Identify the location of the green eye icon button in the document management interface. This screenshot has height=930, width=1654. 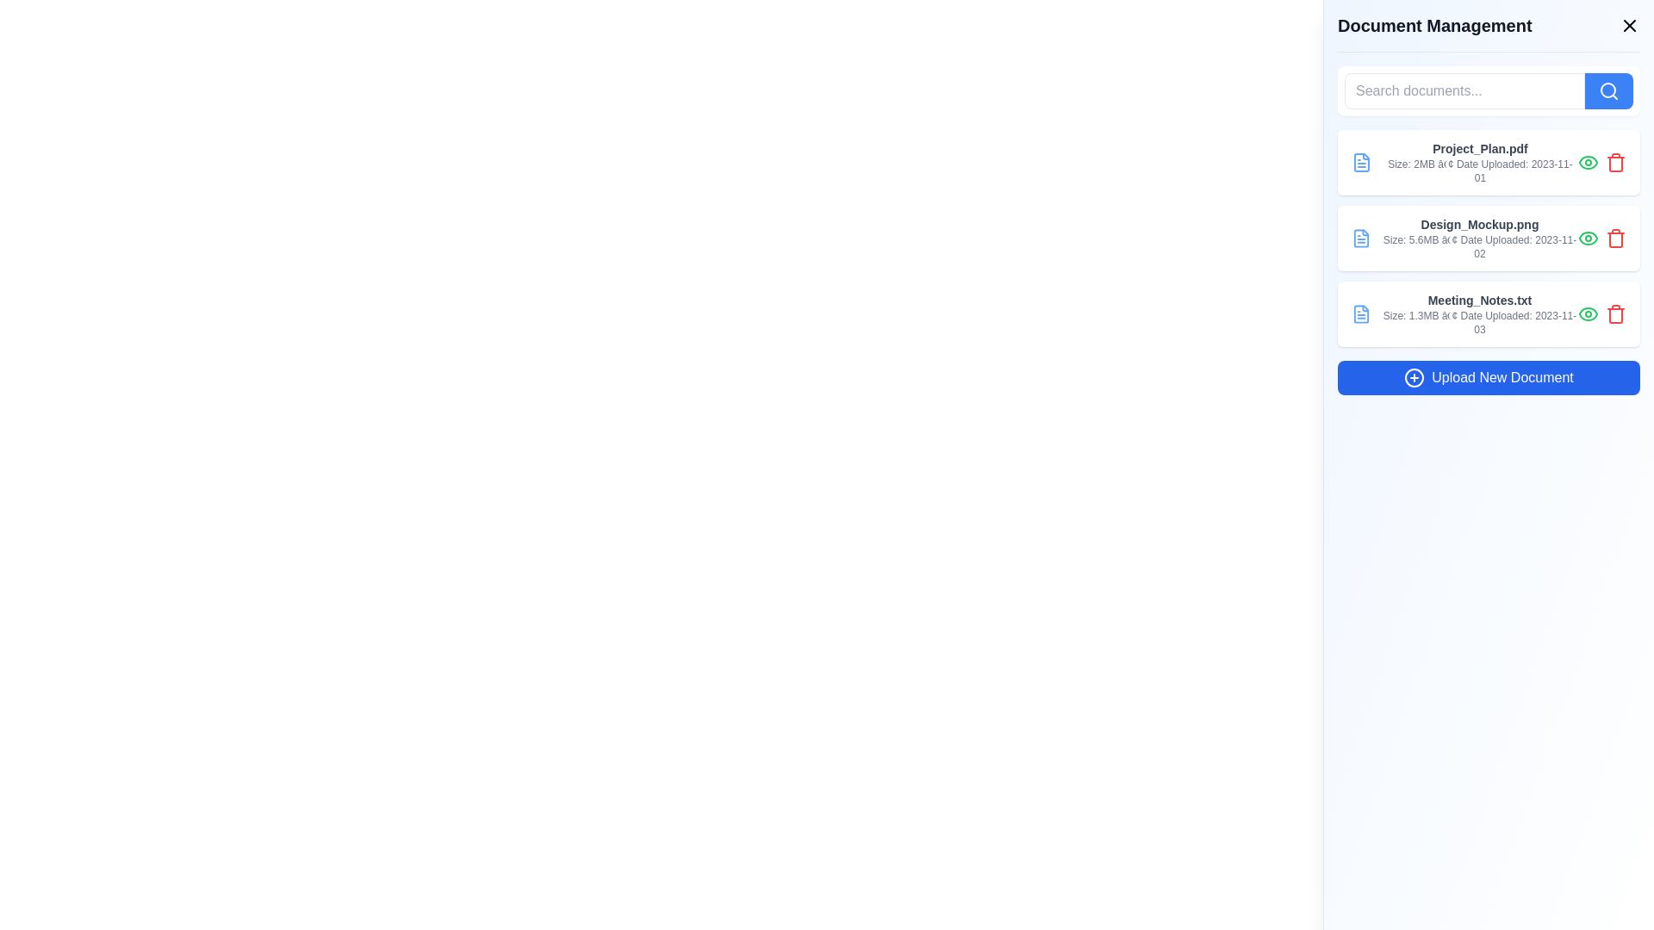
(1587, 163).